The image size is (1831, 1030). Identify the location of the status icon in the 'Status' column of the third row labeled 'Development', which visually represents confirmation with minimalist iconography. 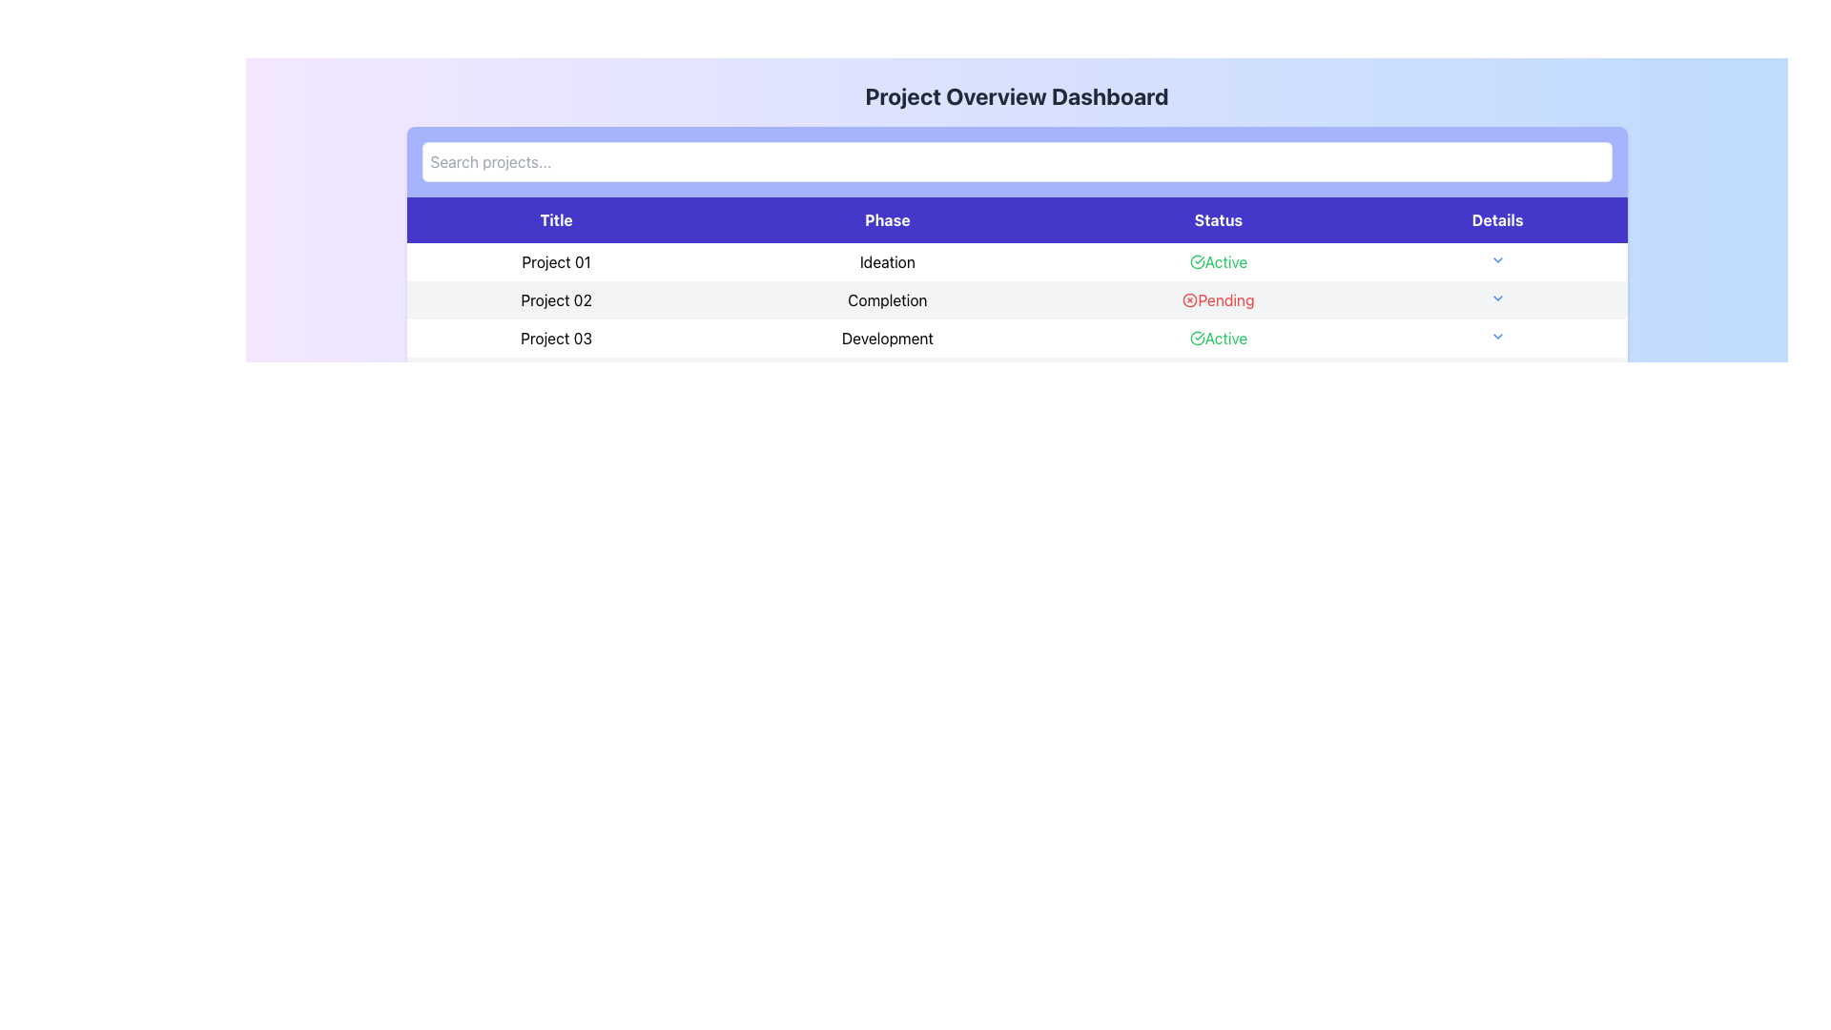
(1196, 337).